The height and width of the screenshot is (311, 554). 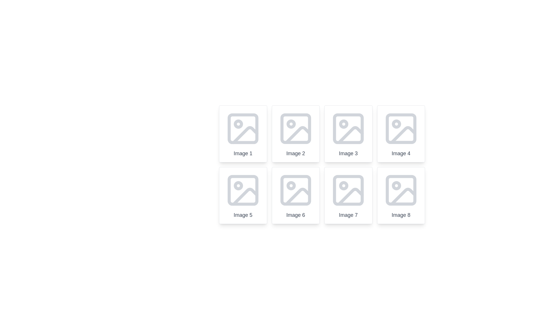 What do you see at coordinates (295, 153) in the screenshot?
I see `the text label displaying 'Image 2' which is styled with a medium-weight font and centered alignment, located beneath an image placeholder in a grid layout` at bounding box center [295, 153].